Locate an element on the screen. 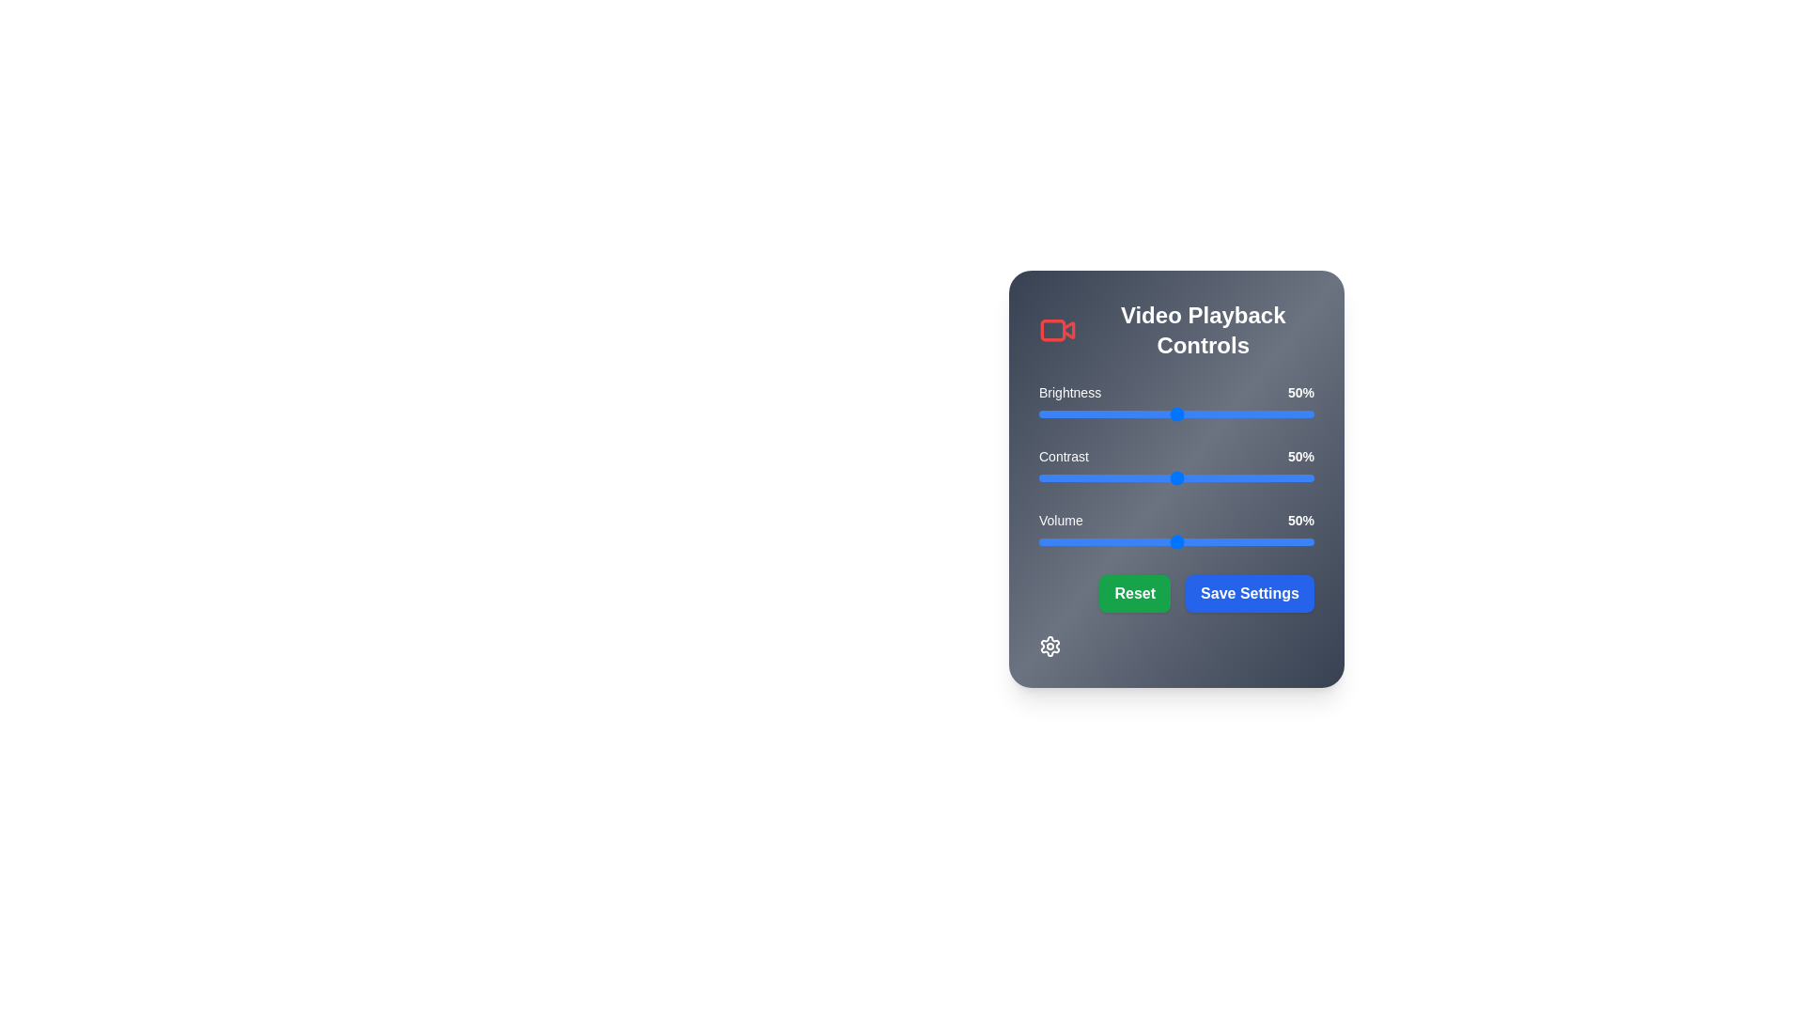 This screenshot has width=1804, height=1015. the reset settings button located in the bottom-left corner of the 'Video Playback Controls' card is located at coordinates (1134, 594).